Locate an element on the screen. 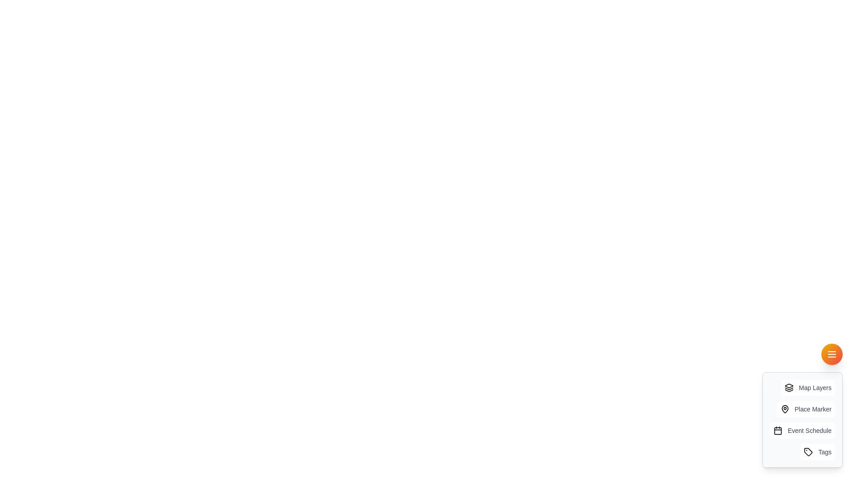 This screenshot has height=482, width=857. the speed dial toggle button to toggle the menu is located at coordinates (831, 354).